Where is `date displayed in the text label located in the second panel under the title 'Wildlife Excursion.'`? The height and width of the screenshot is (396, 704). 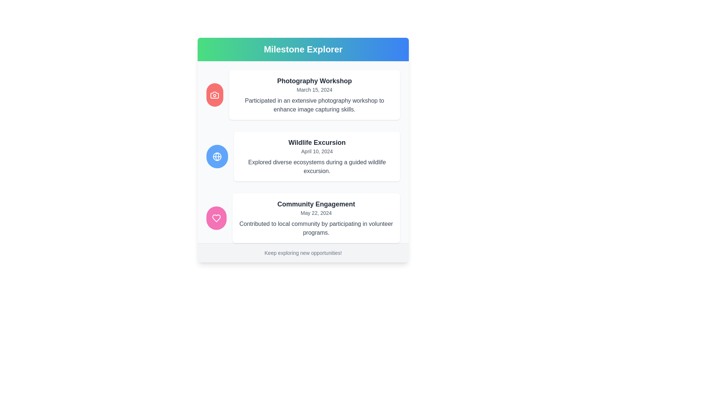
date displayed in the text label located in the second panel under the title 'Wildlife Excursion.' is located at coordinates (317, 151).